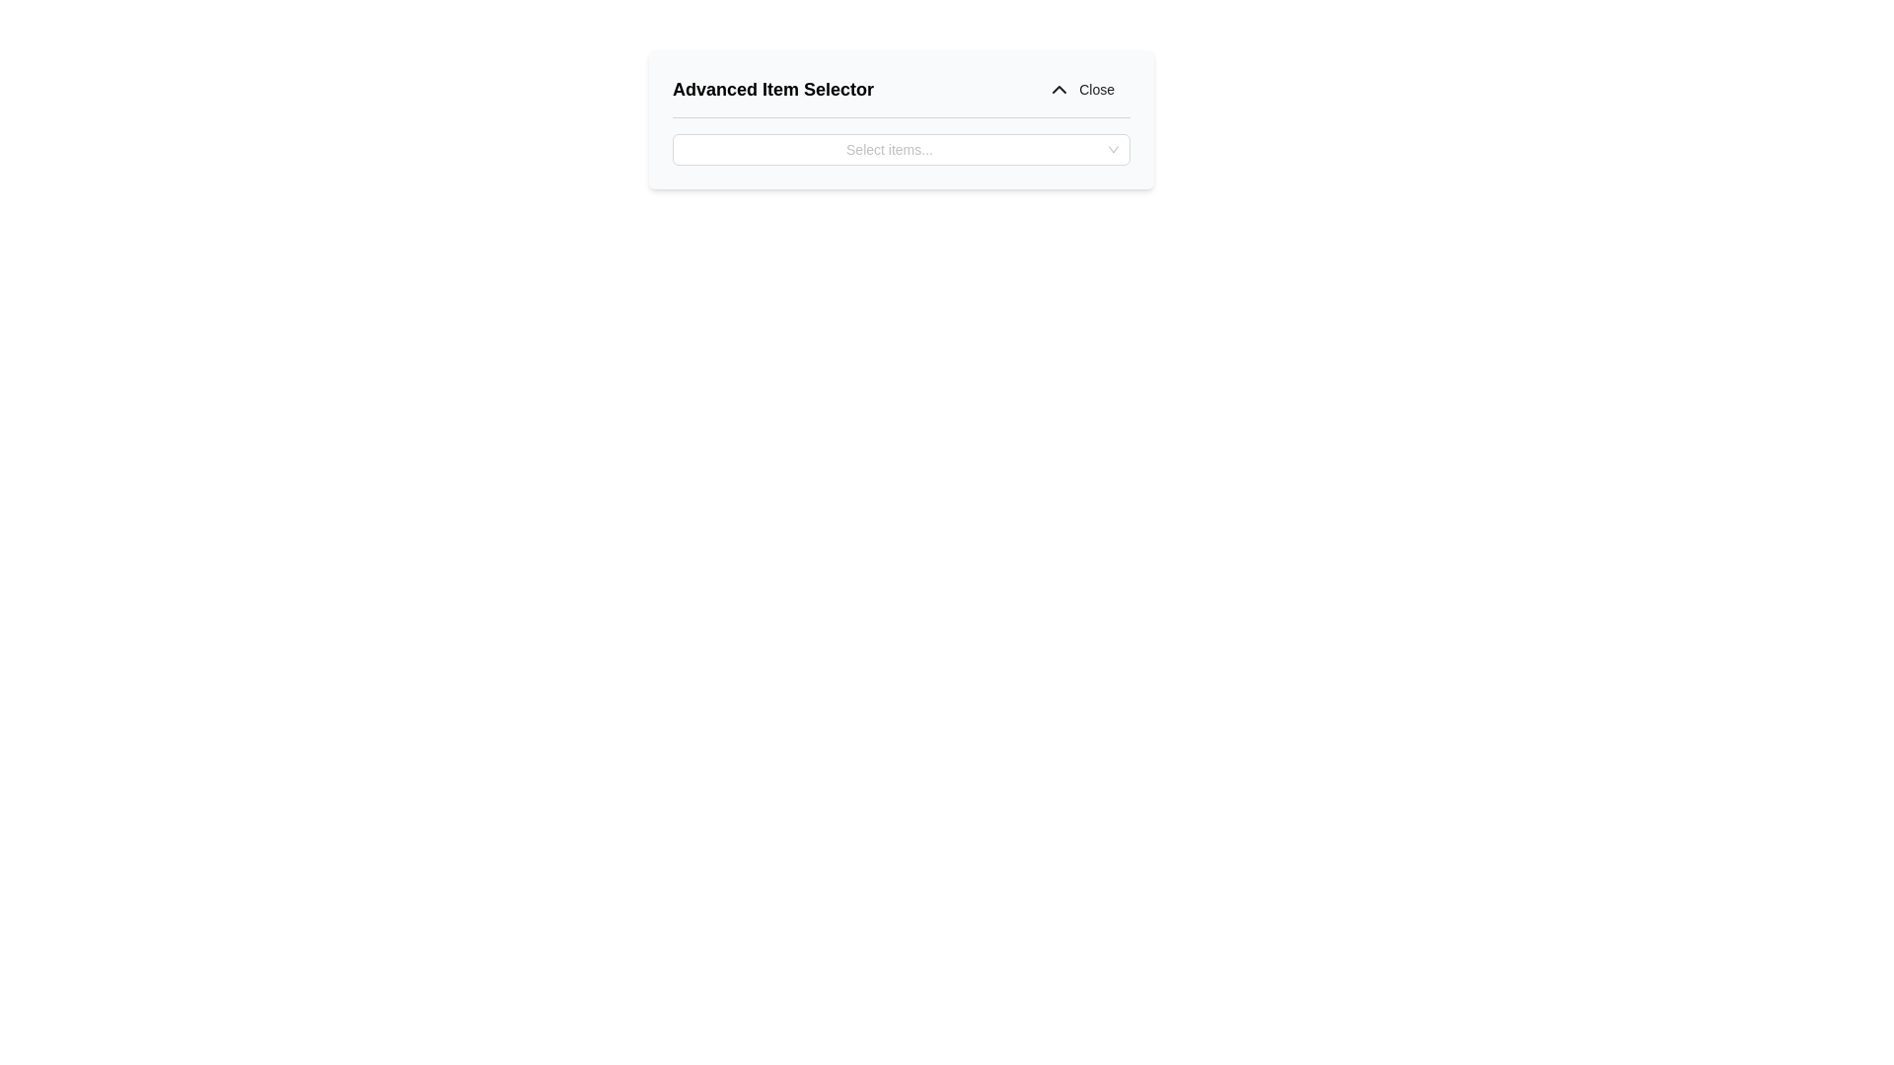 The image size is (1894, 1065). I want to click on the 'Close' button with black text on a white background, featuring a chevron-up icon, located at the top-right corner of the 'Advanced Item Selector' header, so click(1080, 90).